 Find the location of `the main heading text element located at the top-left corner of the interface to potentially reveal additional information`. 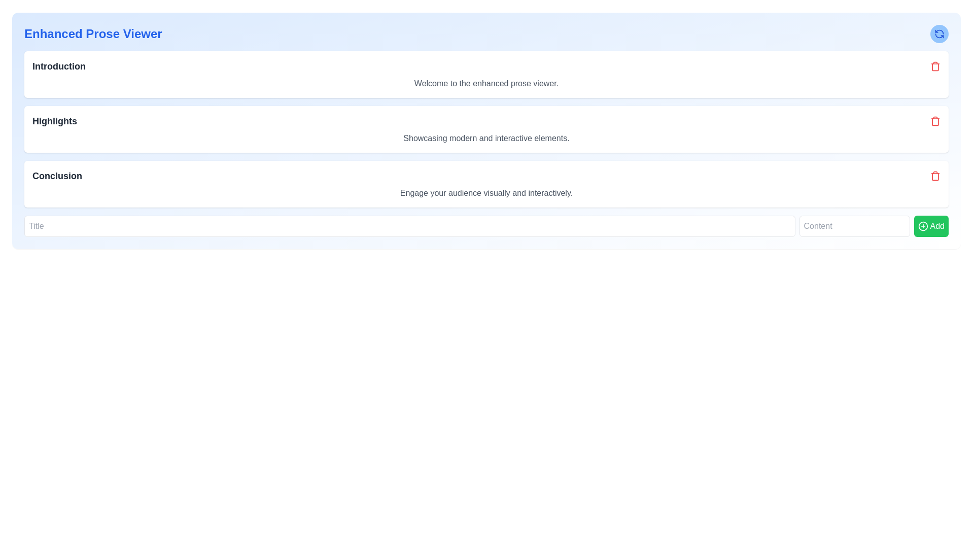

the main heading text element located at the top-left corner of the interface to potentially reveal additional information is located at coordinates (93, 33).